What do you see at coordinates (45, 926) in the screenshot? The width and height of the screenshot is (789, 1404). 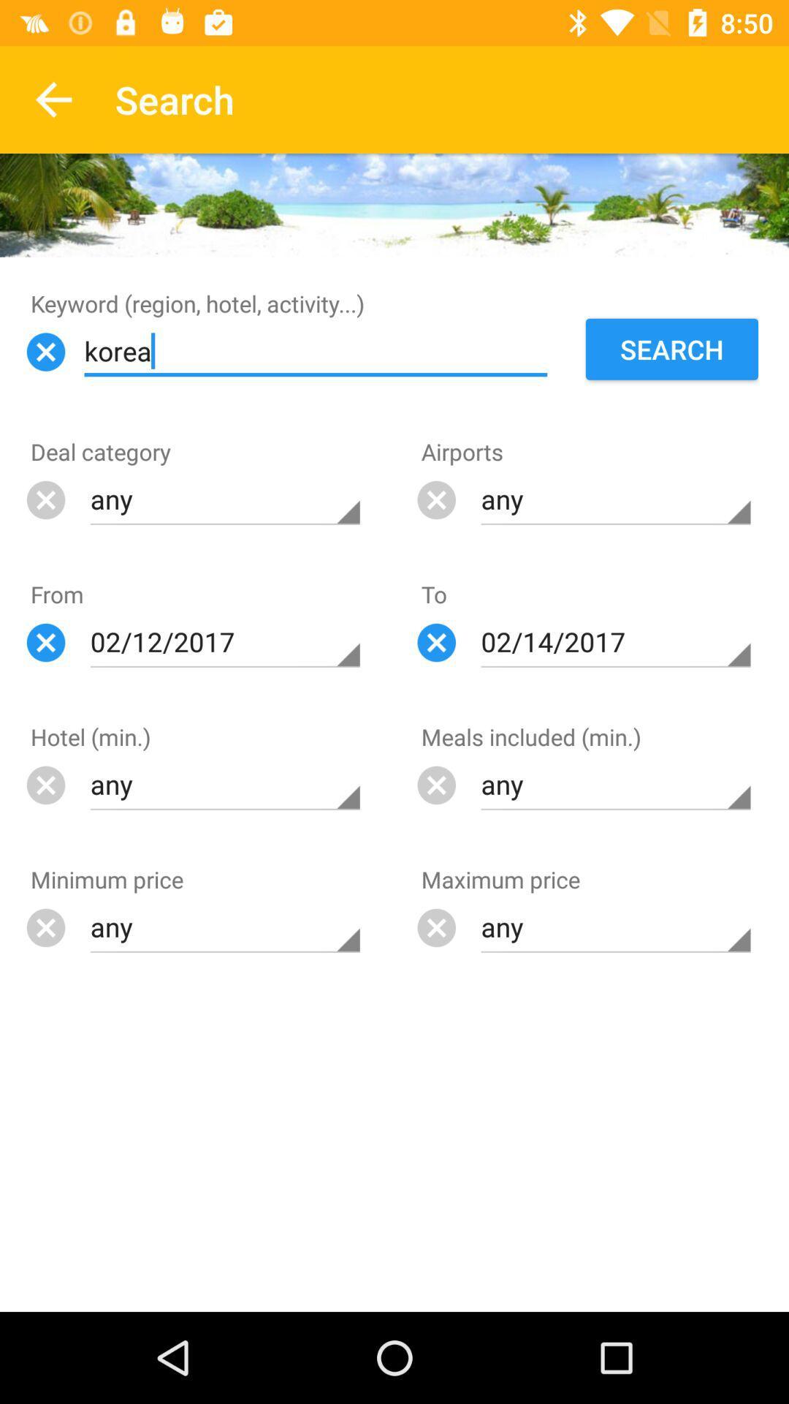 I see `the close icon` at bounding box center [45, 926].